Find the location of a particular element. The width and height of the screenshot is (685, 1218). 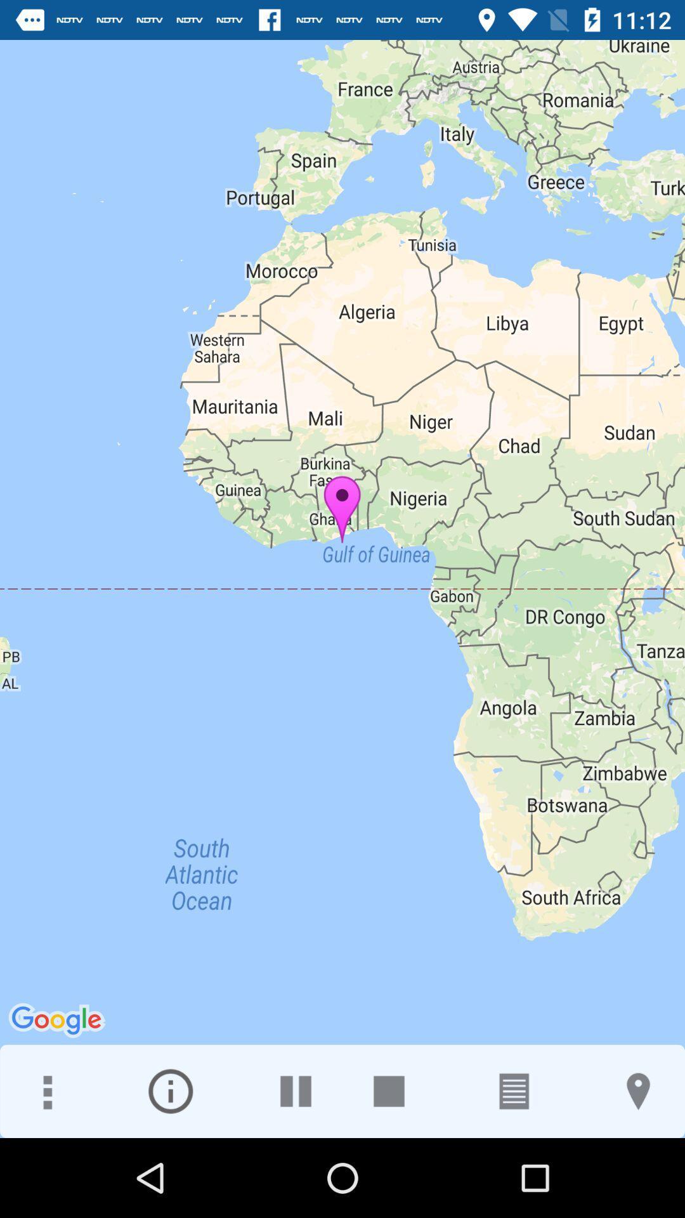

the location icon is located at coordinates (638, 1090).